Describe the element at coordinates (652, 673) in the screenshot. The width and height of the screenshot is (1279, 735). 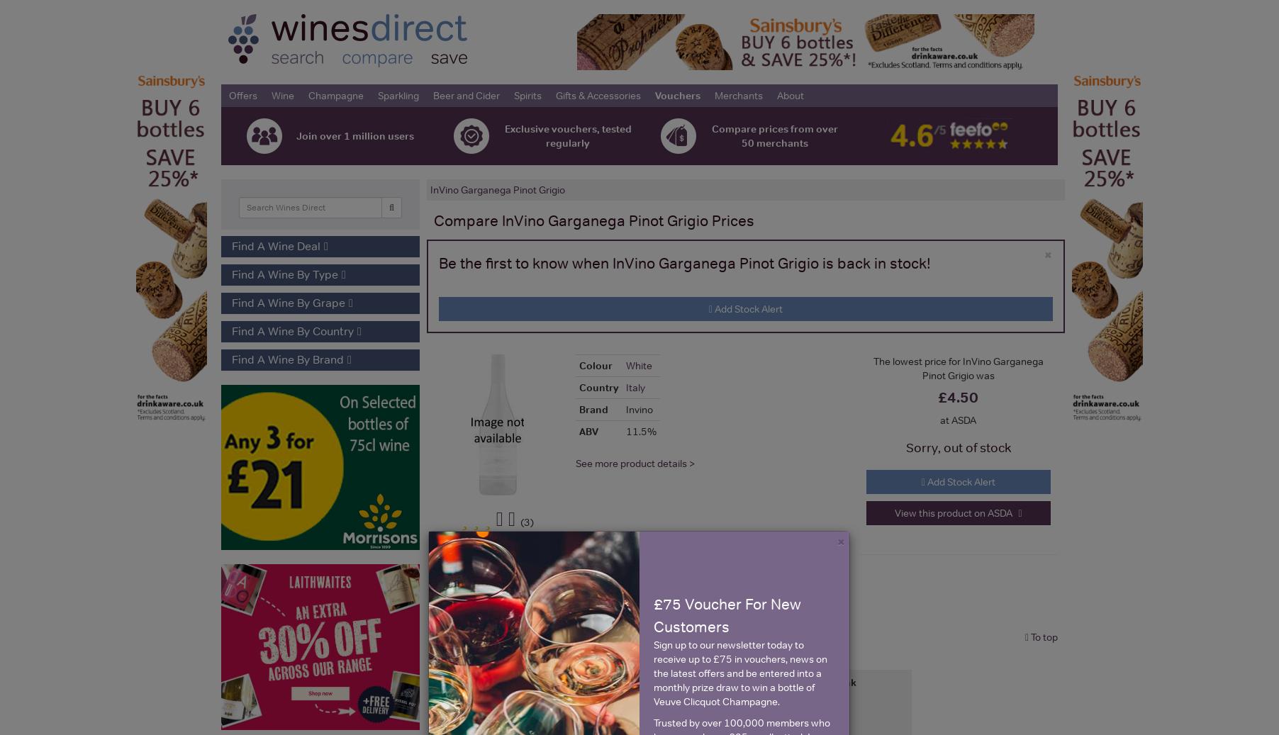
I see `'Sign up to our newsletter today to receive up to £75 in vouchers, news on the latest offers and be entered into a monthly prize draw to win a bottle of Veuve Clicquot Champagne.'` at that location.